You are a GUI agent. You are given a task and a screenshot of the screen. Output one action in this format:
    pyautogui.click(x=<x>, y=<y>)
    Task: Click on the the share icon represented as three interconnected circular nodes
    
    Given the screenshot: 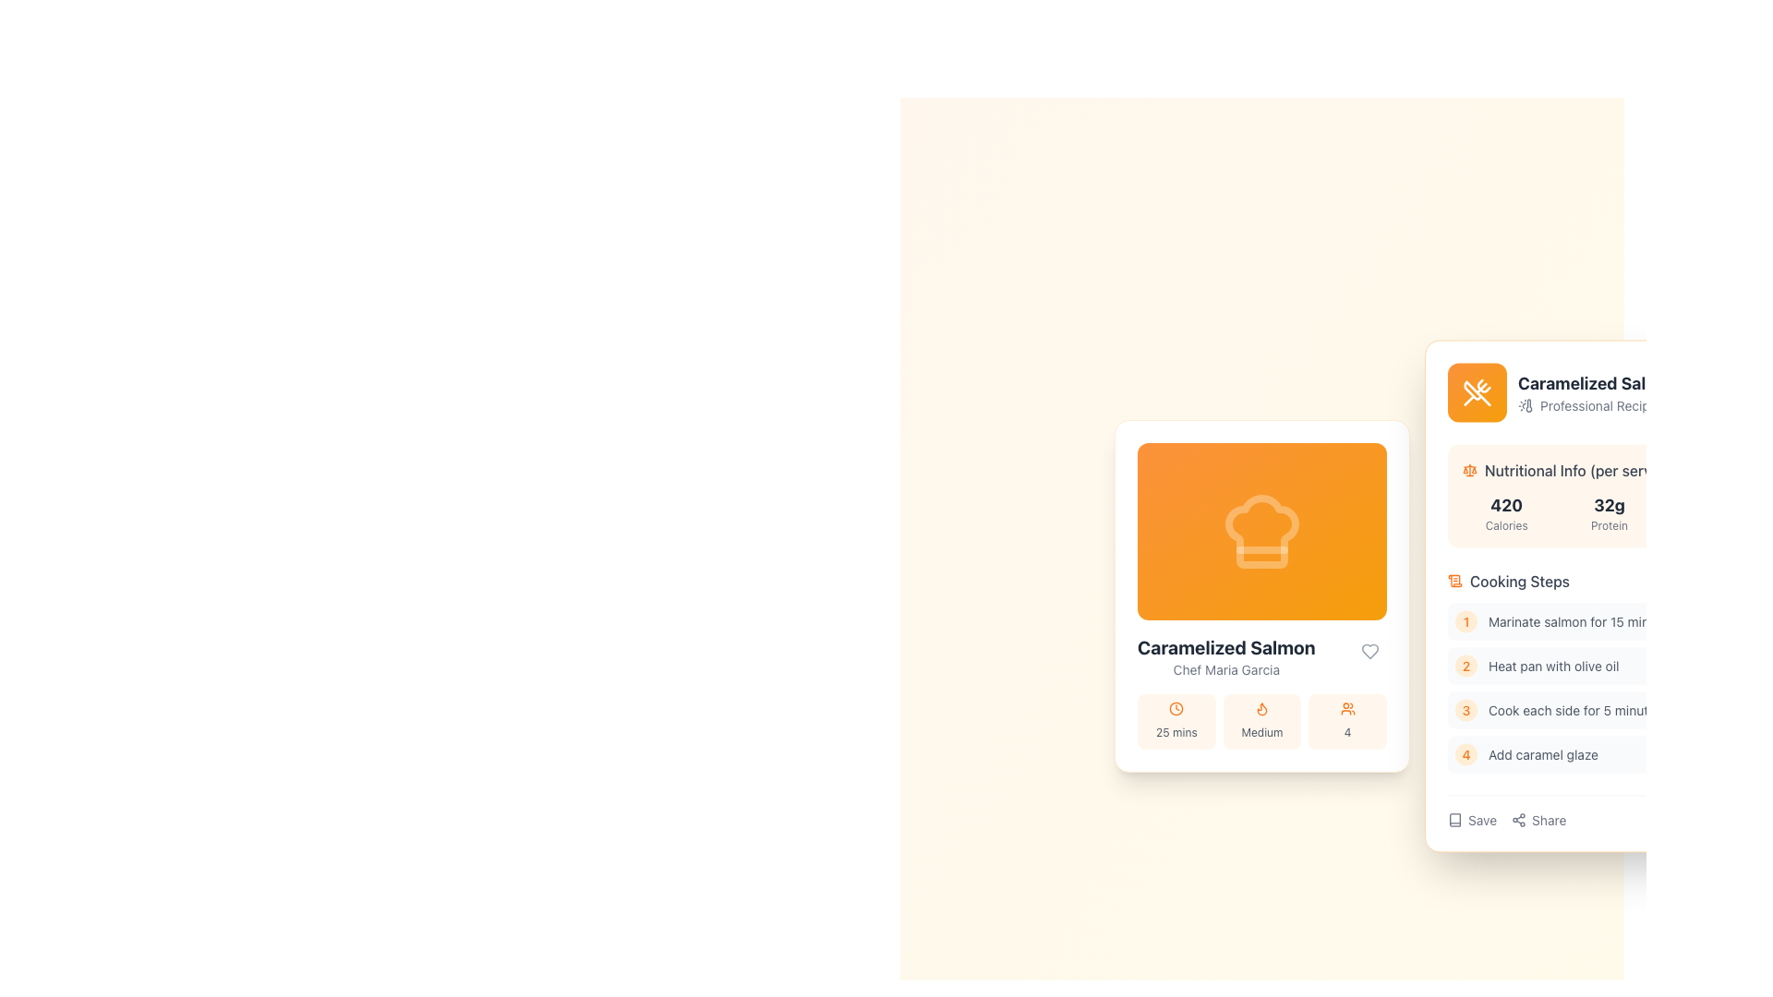 What is the action you would take?
    pyautogui.click(x=1519, y=819)
    